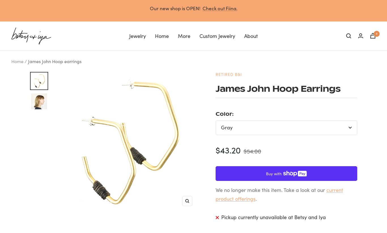 The height and width of the screenshot is (233, 387). I want to click on 'Cards', so click(190, 66).